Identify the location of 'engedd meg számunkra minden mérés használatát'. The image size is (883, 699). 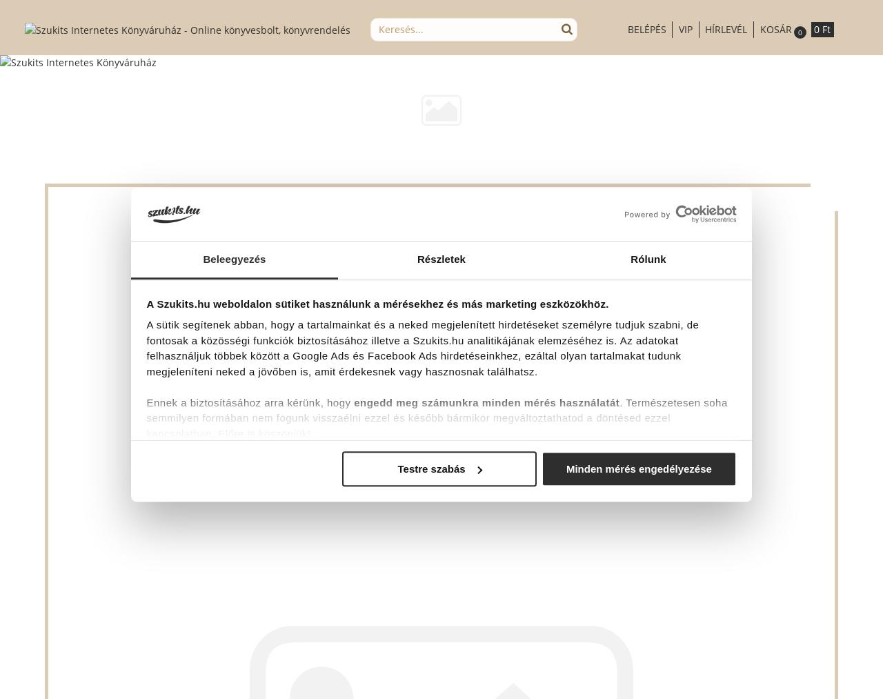
(354, 402).